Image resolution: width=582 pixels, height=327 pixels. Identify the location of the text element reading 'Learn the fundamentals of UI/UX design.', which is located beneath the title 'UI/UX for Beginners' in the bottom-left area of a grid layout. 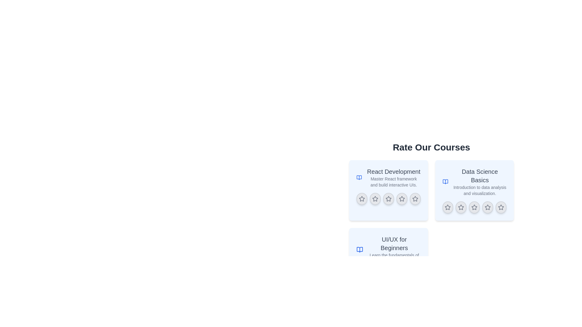
(394, 258).